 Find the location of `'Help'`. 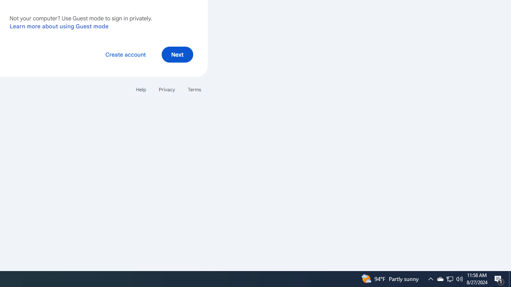

'Help' is located at coordinates (141, 89).